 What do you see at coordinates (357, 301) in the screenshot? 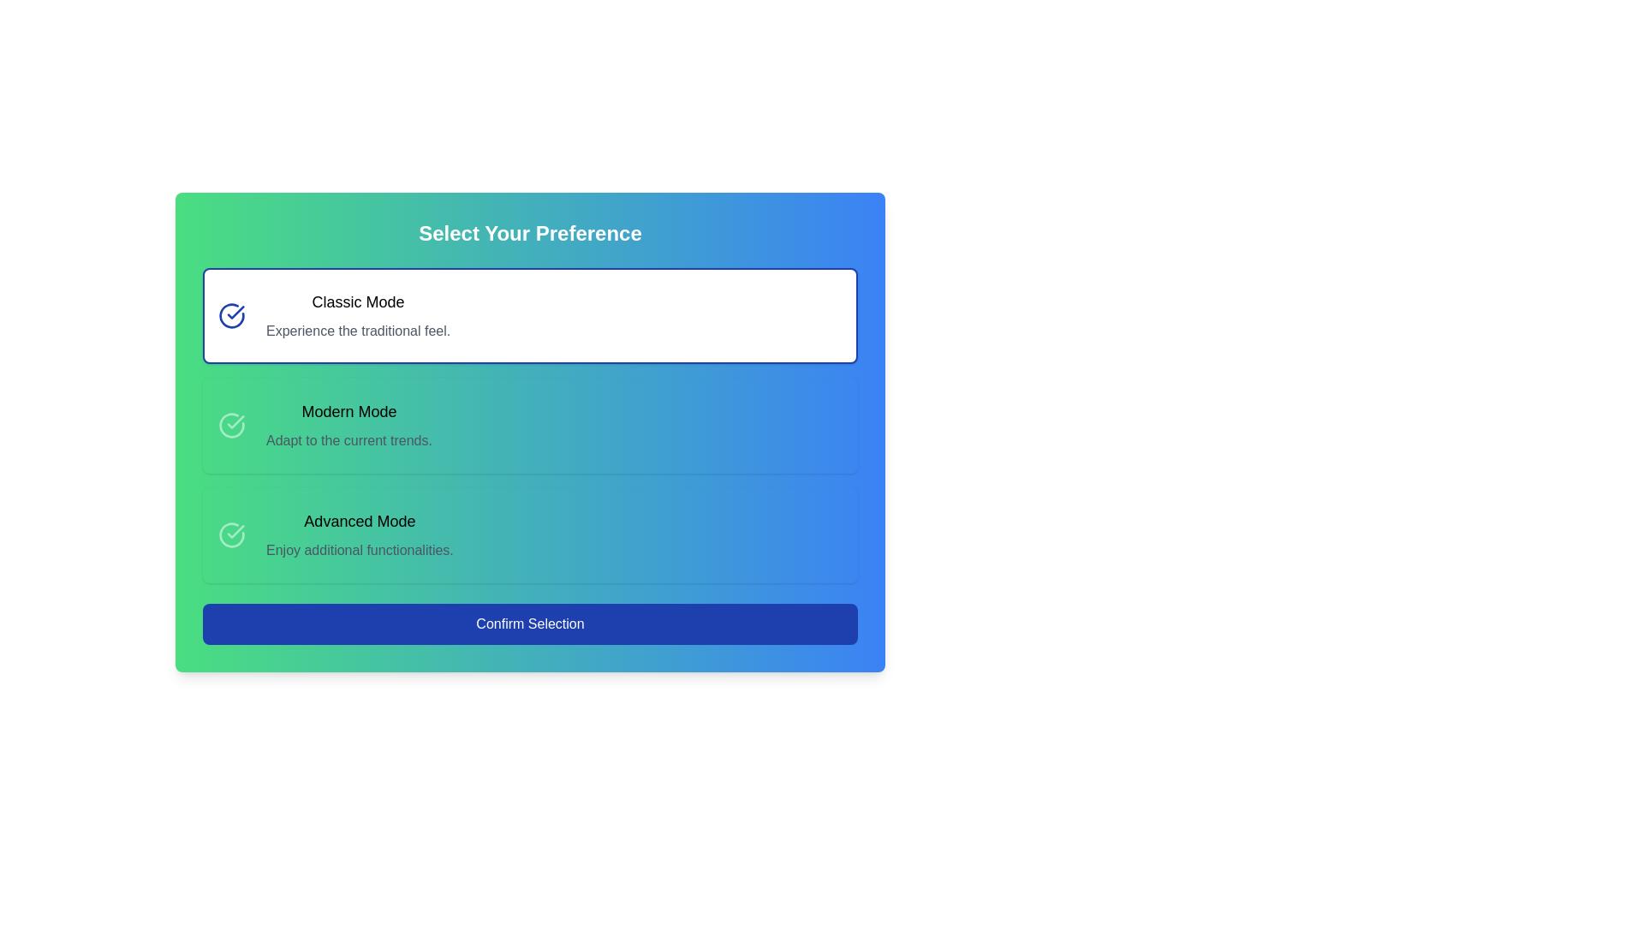
I see `the 'Classic Mode' header text, which is styled with 'text-lg' and 'font-medium' and is the most prominent text in the group` at bounding box center [357, 301].